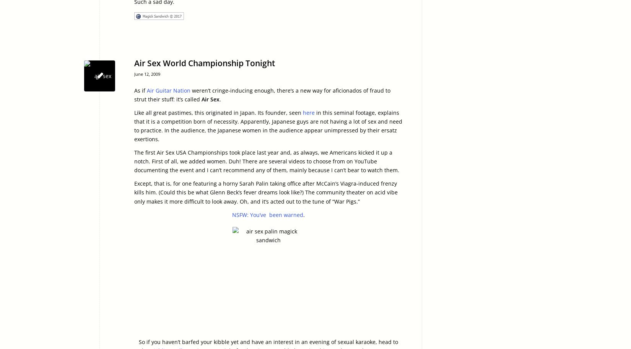 This screenshot has width=631, height=349. What do you see at coordinates (84, 71) in the screenshot?
I see `'https://magicksandwich.org/wp-content/uploads/2017/07/Magick-Sandwich-header.png'` at bounding box center [84, 71].